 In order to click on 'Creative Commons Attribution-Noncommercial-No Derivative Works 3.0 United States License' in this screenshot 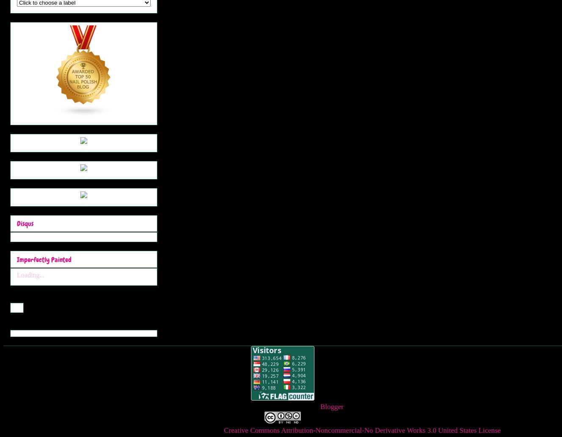, I will do `click(362, 429)`.